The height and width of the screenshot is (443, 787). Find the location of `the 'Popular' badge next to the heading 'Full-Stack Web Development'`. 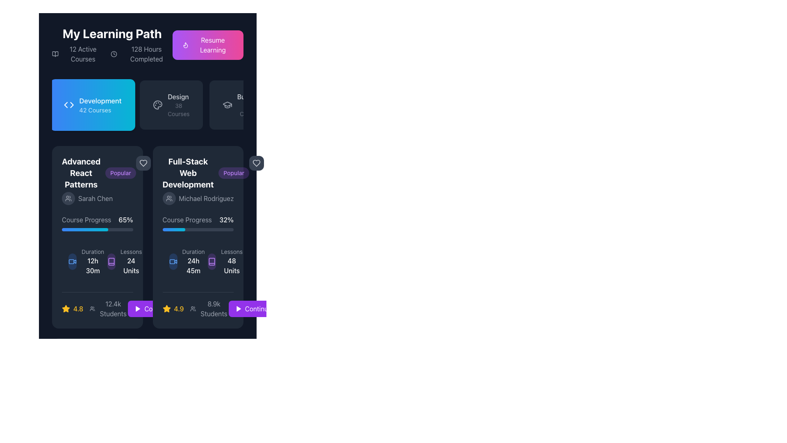

the 'Popular' badge next to the heading 'Full-Stack Web Development' is located at coordinates (206, 180).